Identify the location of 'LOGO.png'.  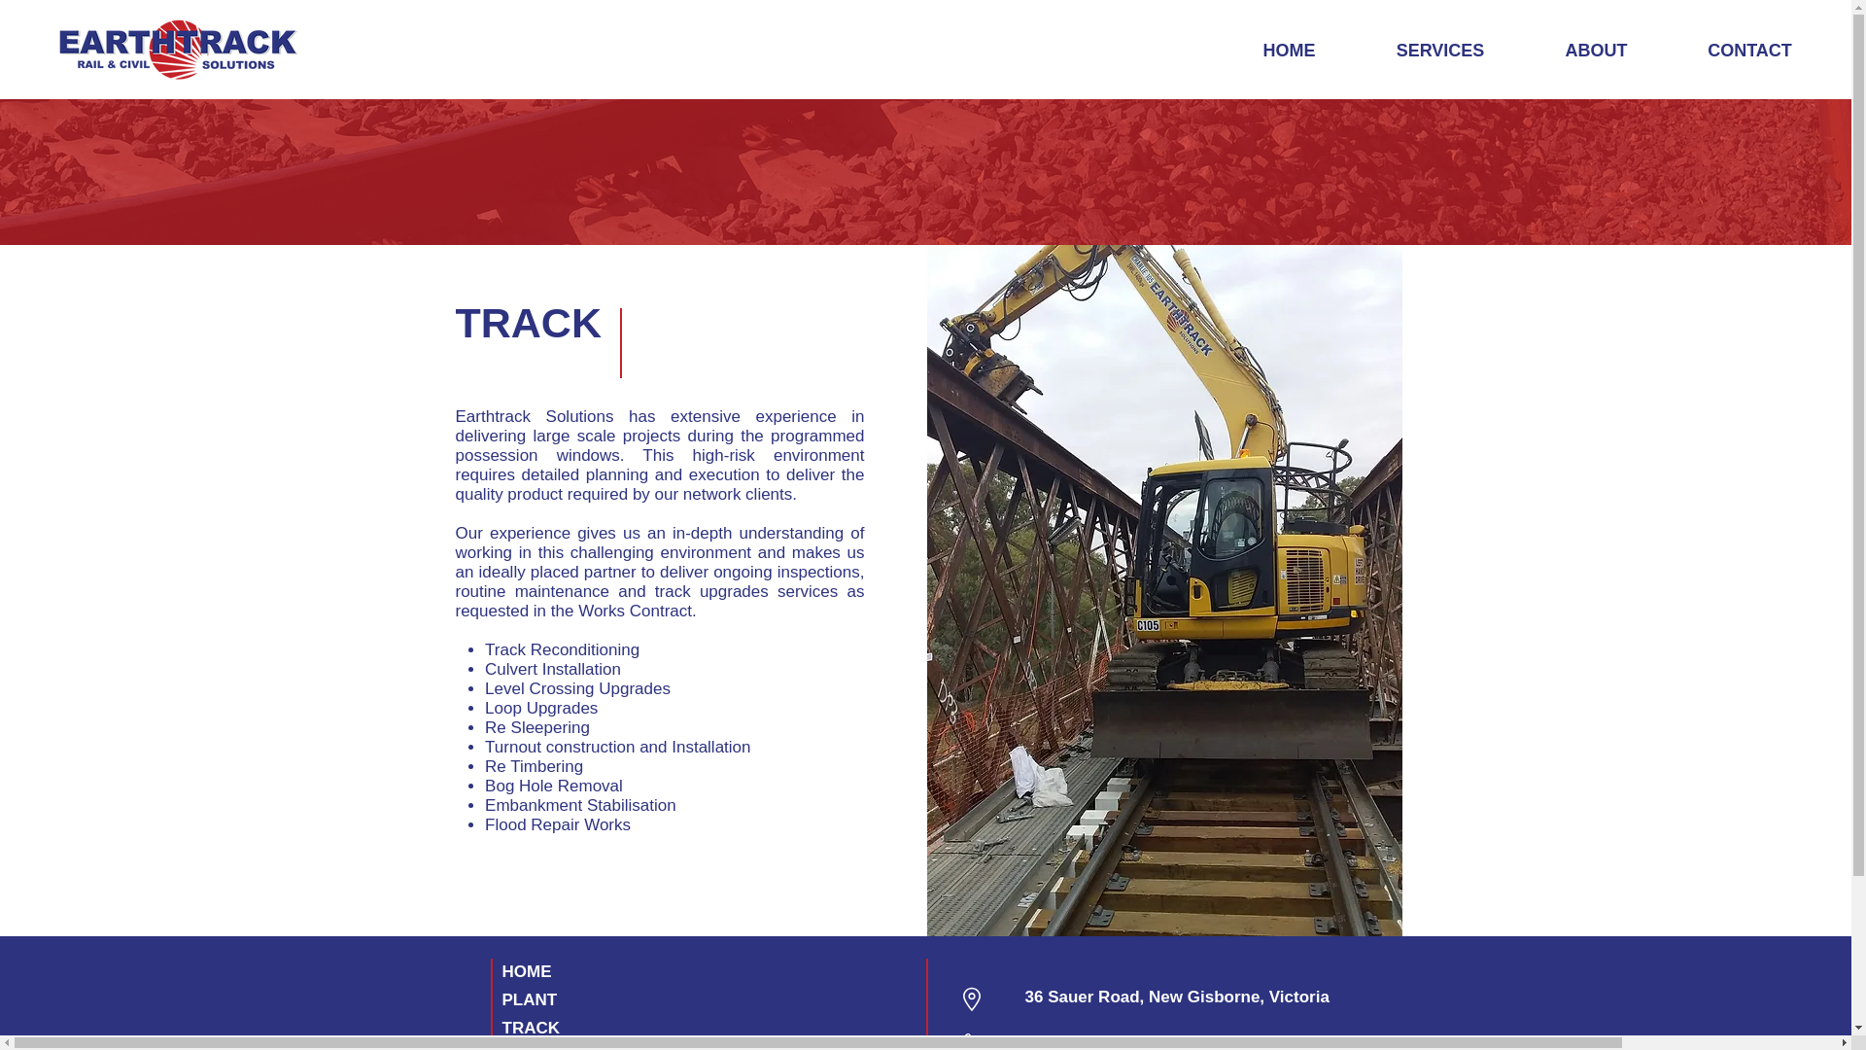
(179, 49).